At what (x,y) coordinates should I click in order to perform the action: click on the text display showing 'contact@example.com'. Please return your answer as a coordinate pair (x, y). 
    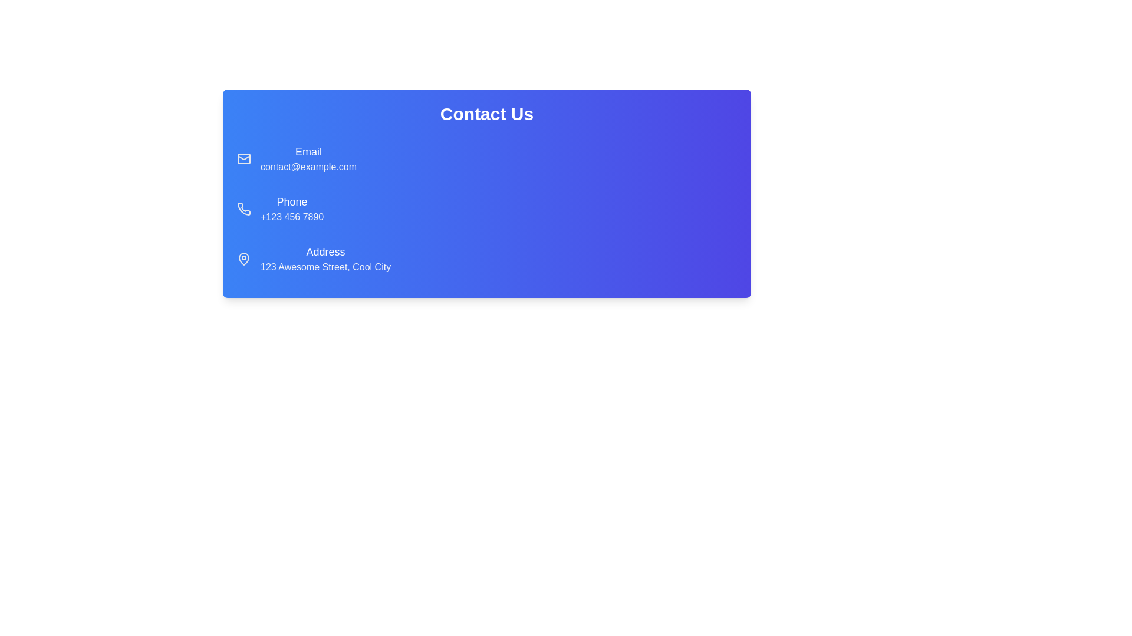
    Looking at the image, I should click on (308, 167).